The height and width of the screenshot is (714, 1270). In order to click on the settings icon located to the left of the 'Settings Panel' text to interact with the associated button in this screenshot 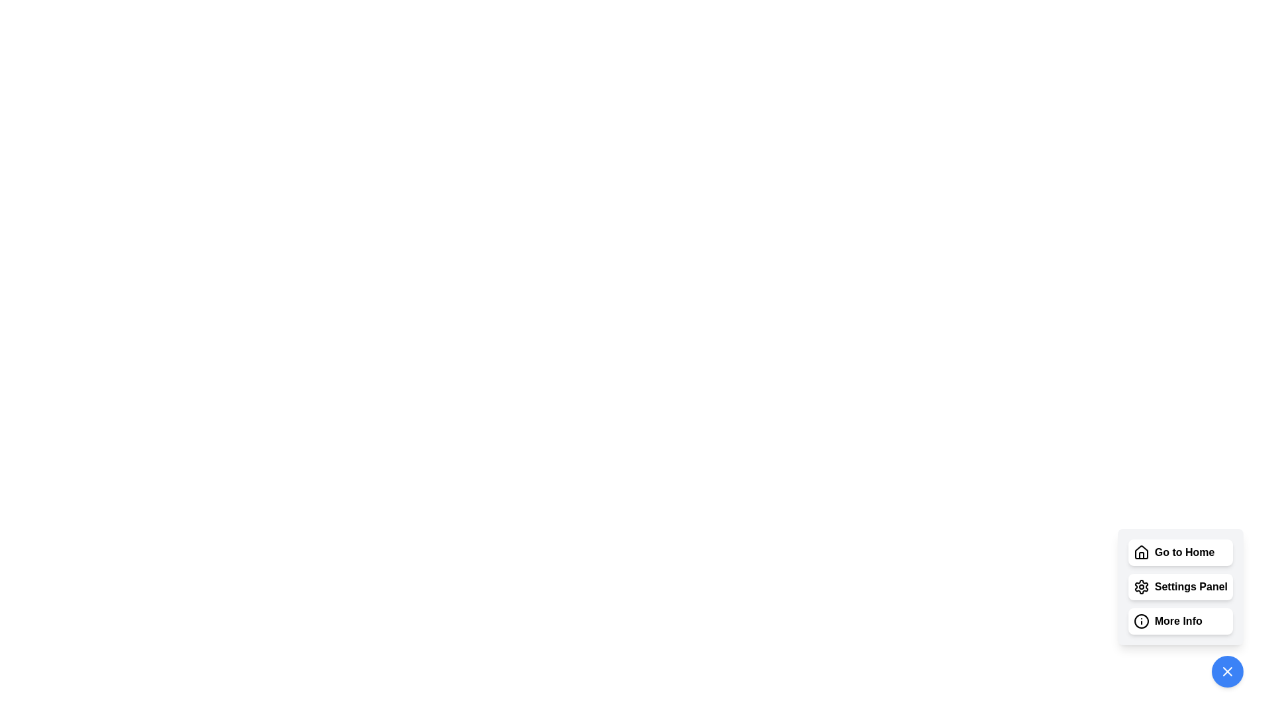, I will do `click(1140, 586)`.